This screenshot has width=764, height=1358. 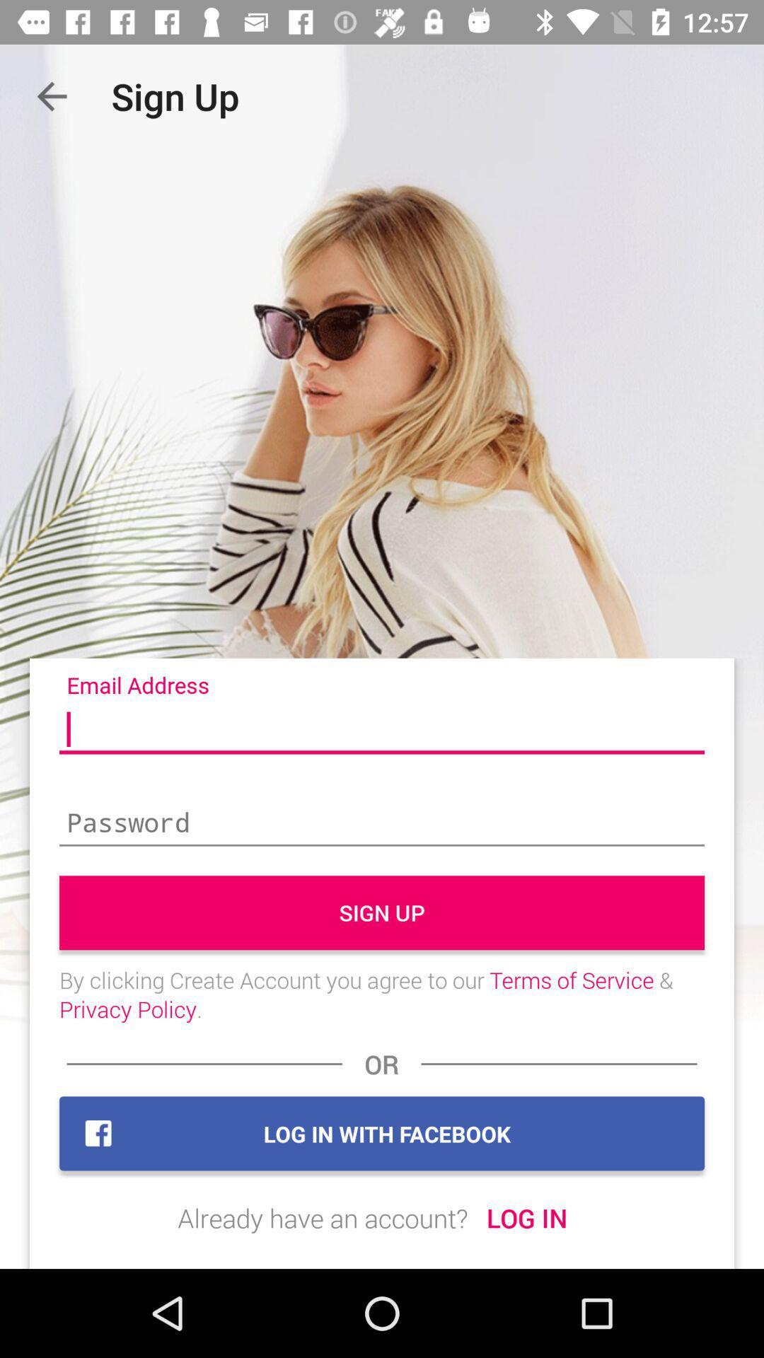 What do you see at coordinates (382, 824) in the screenshot?
I see `item above the sign up icon` at bounding box center [382, 824].